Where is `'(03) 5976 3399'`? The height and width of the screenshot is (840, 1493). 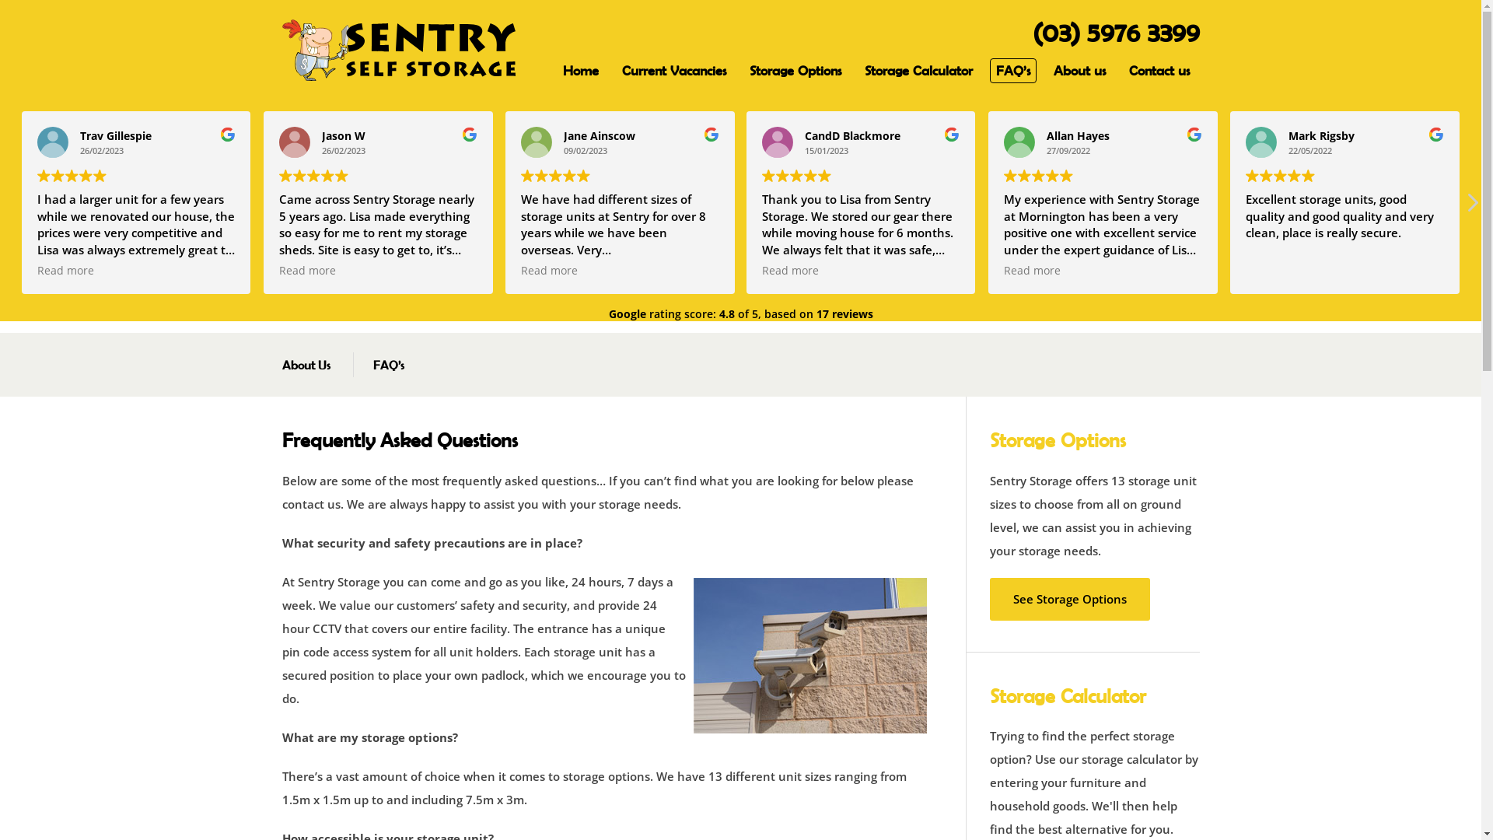
'(03) 5976 3399' is located at coordinates (1115, 33).